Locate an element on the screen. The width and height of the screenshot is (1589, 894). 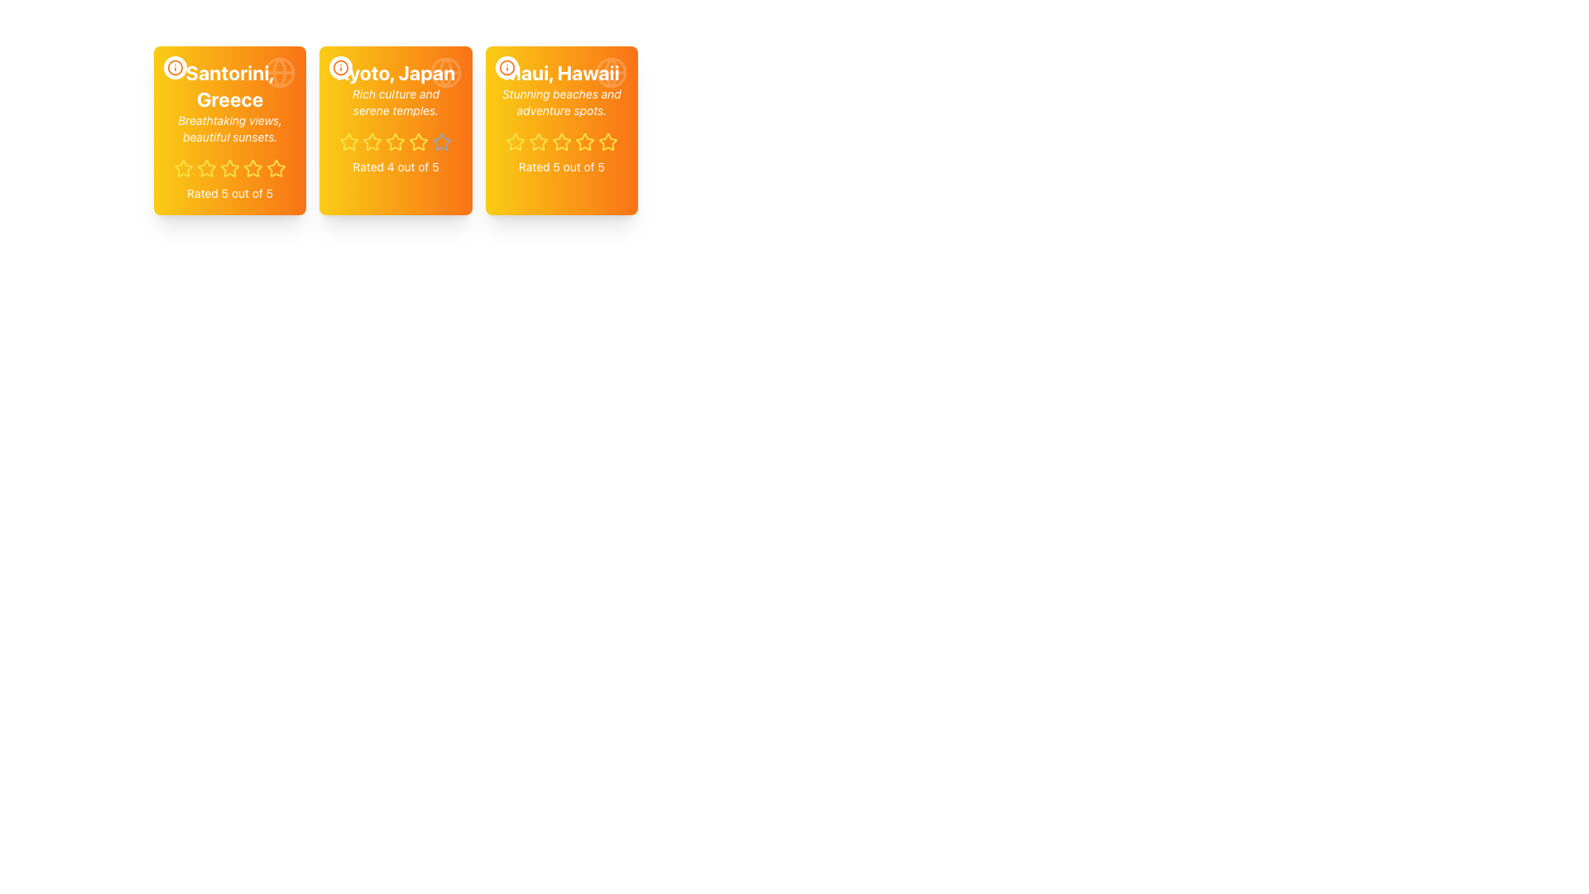
the filled rating star representing the score for Kyoto, Japan, located in the second rating section of the card layout is located at coordinates (372, 141).